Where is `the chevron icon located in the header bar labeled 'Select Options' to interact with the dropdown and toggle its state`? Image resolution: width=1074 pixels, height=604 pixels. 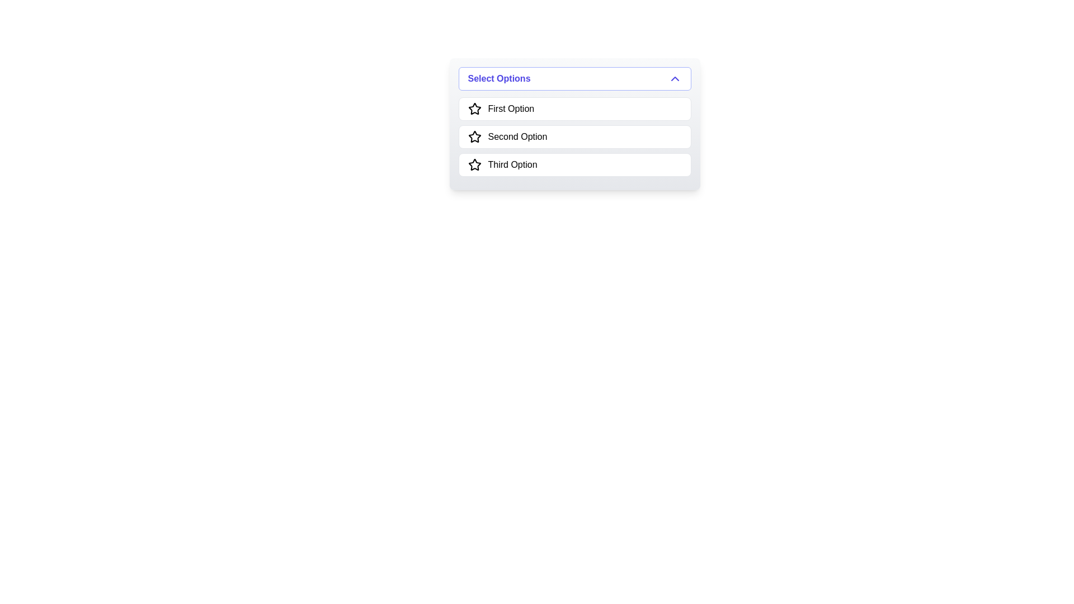 the chevron icon located in the header bar labeled 'Select Options' to interact with the dropdown and toggle its state is located at coordinates (674, 78).